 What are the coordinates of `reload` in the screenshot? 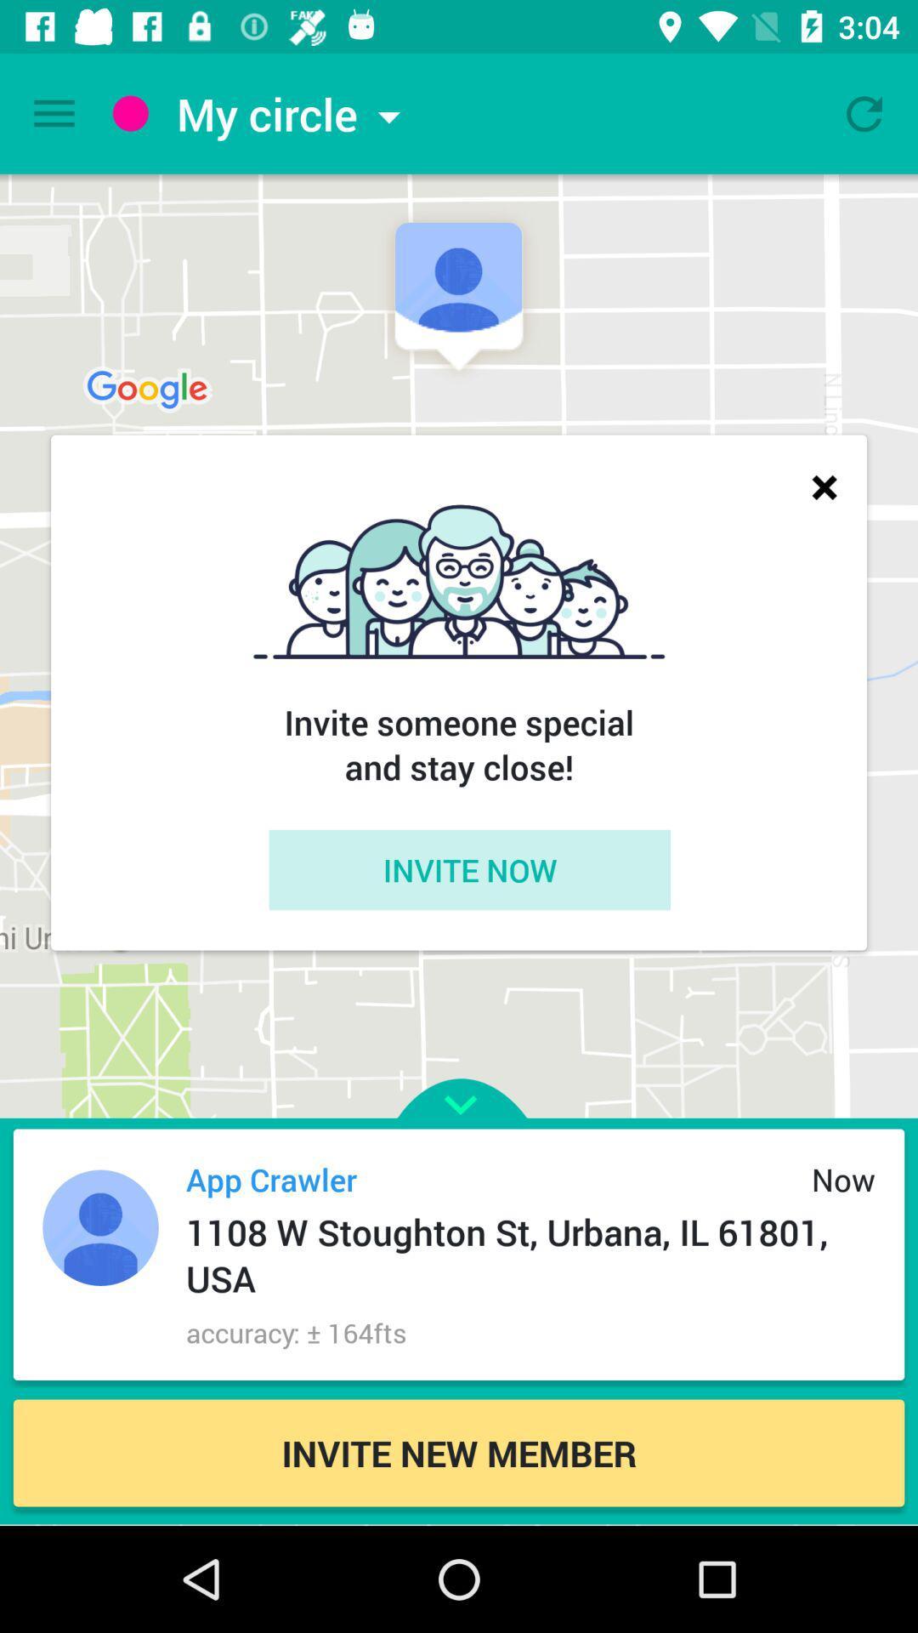 It's located at (864, 112).